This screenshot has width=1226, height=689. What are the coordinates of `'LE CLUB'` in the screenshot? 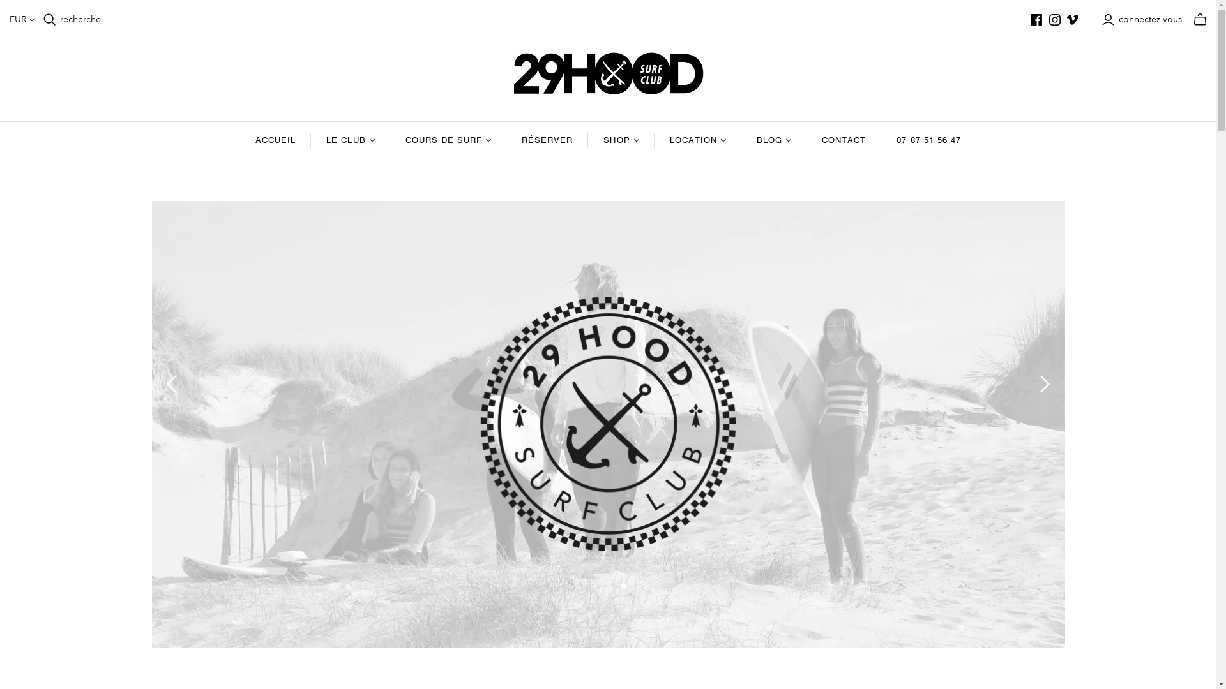 It's located at (310, 140).